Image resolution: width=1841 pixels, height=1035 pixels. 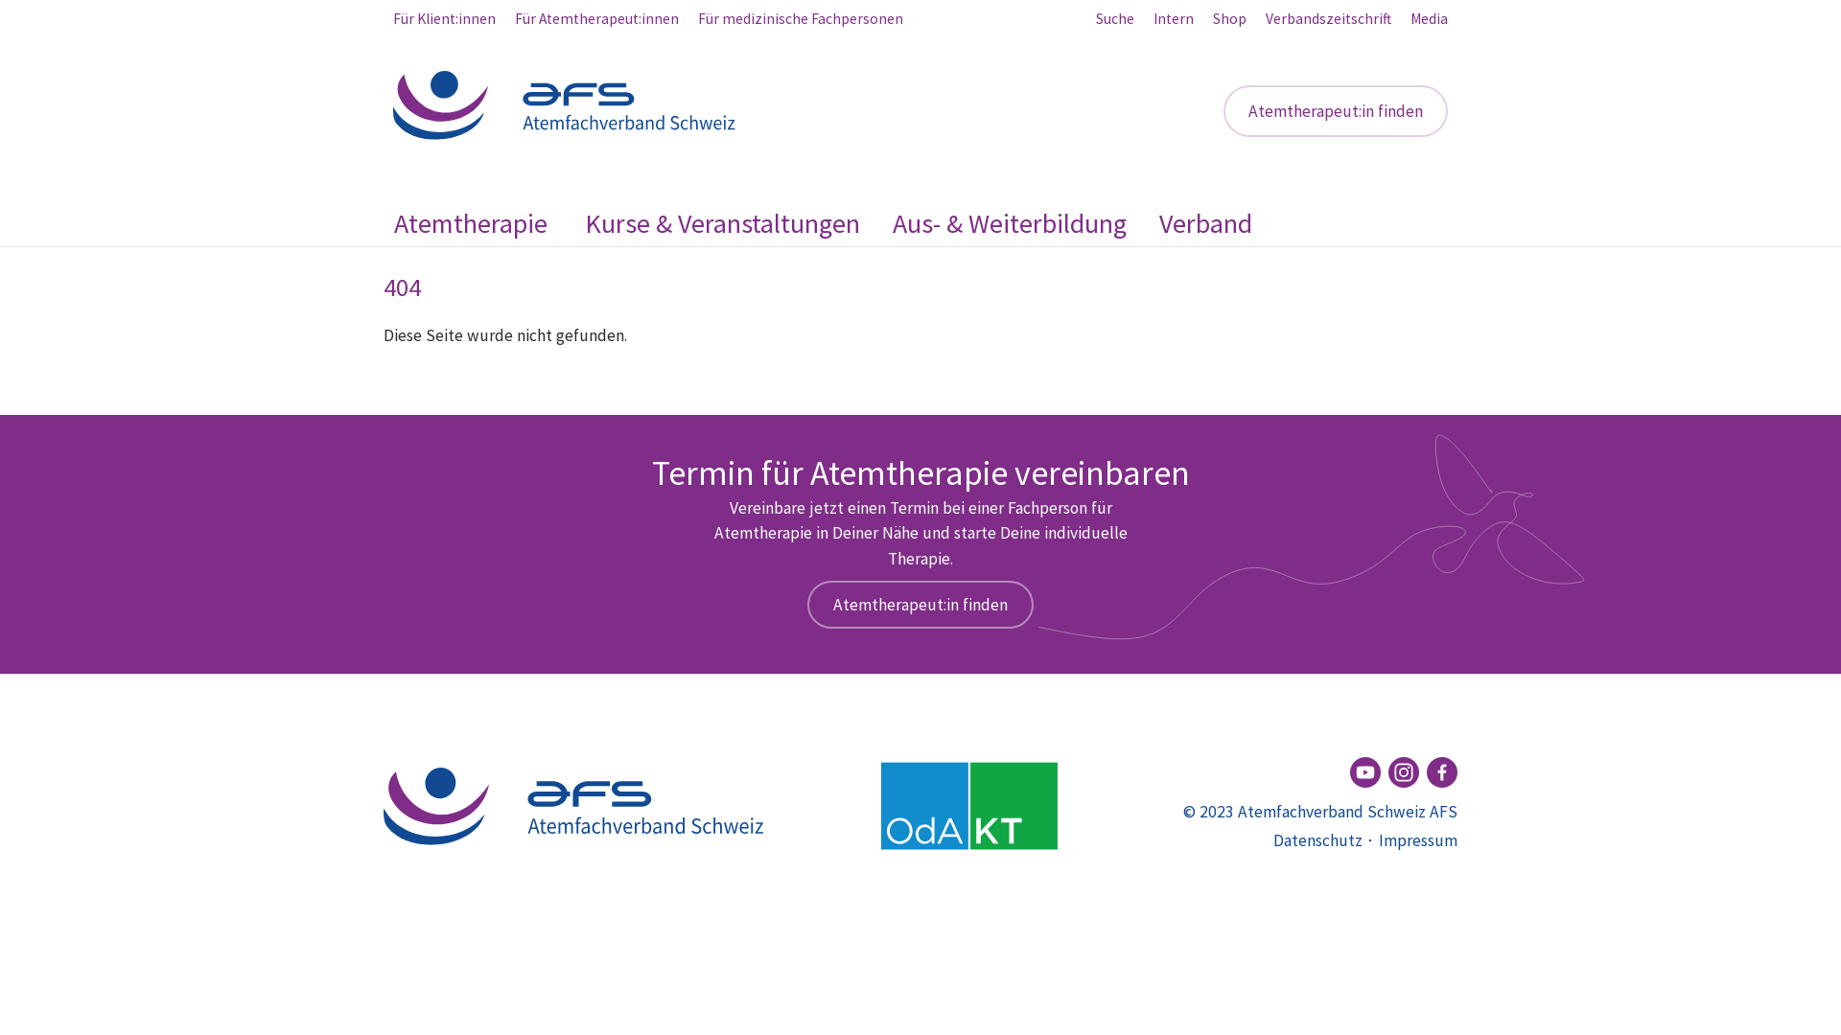 What do you see at coordinates (1317, 839) in the screenshot?
I see `'Datenschutz'` at bounding box center [1317, 839].